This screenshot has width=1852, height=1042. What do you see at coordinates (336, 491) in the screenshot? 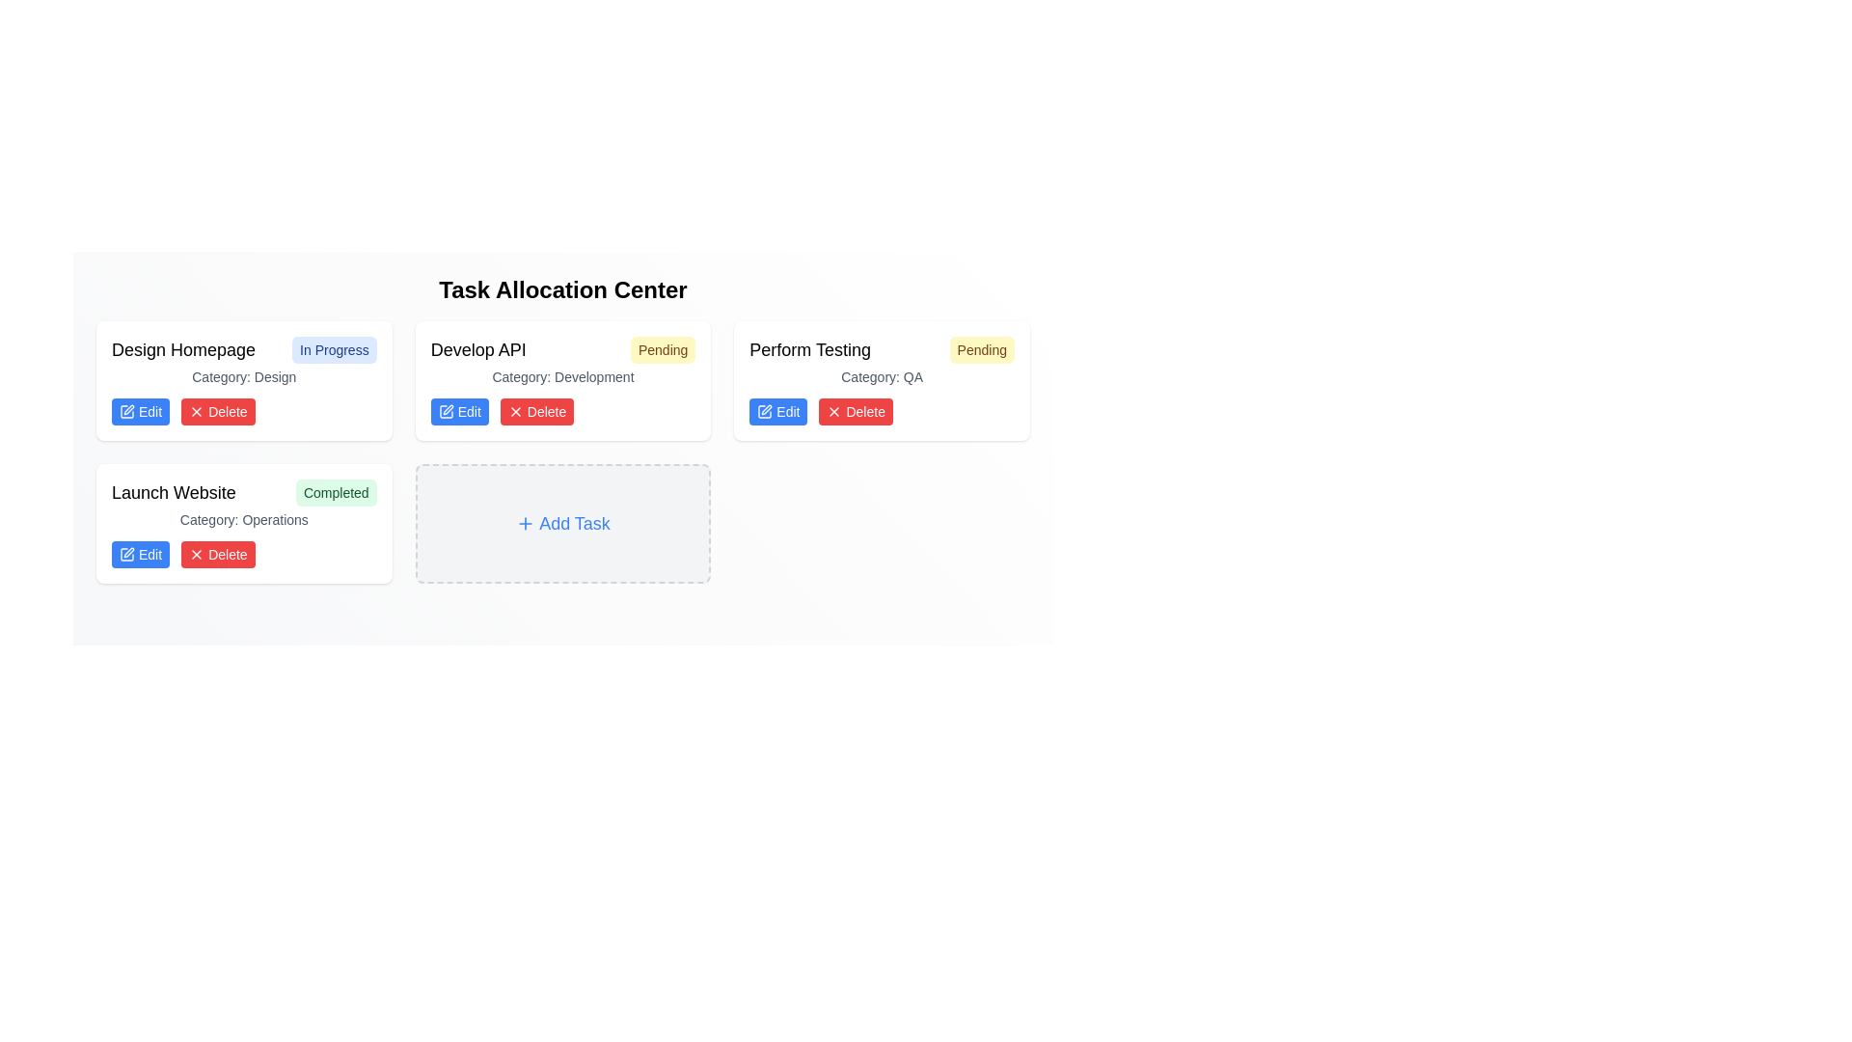
I see `the Status label that displays 'Completed' in dark green on a light green background, located to the right of the 'Launch Website' task title within the task card` at bounding box center [336, 491].